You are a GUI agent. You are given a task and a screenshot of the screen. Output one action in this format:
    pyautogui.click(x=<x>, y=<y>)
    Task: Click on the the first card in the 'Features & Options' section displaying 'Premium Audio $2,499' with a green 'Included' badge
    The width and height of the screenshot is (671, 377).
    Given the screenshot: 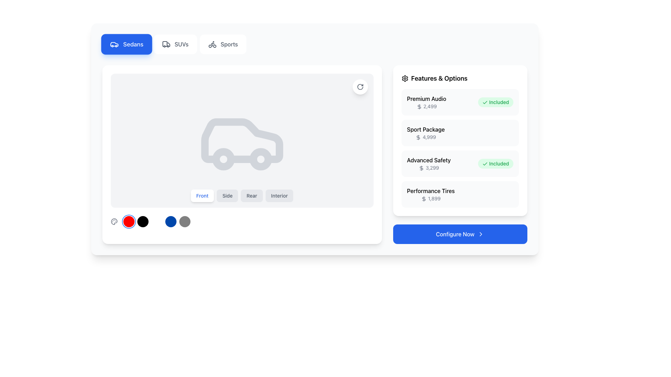 What is the action you would take?
    pyautogui.click(x=460, y=102)
    